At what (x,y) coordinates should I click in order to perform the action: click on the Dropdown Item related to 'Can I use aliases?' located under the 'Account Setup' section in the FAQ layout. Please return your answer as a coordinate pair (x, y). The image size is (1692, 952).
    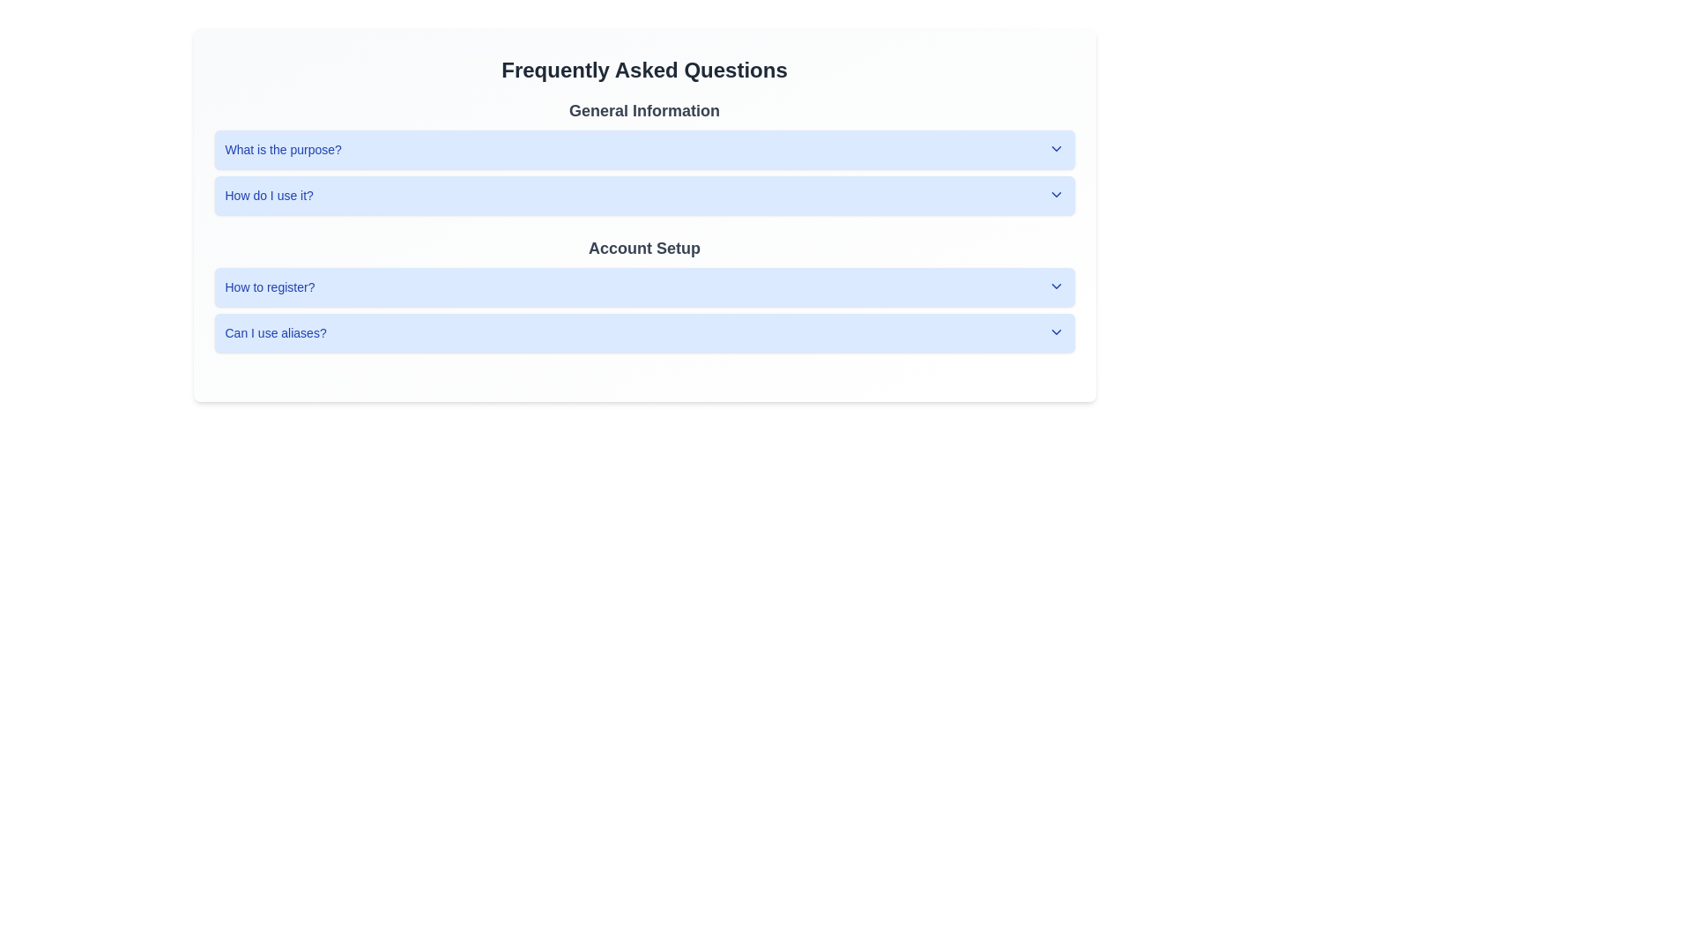
    Looking at the image, I should click on (643, 333).